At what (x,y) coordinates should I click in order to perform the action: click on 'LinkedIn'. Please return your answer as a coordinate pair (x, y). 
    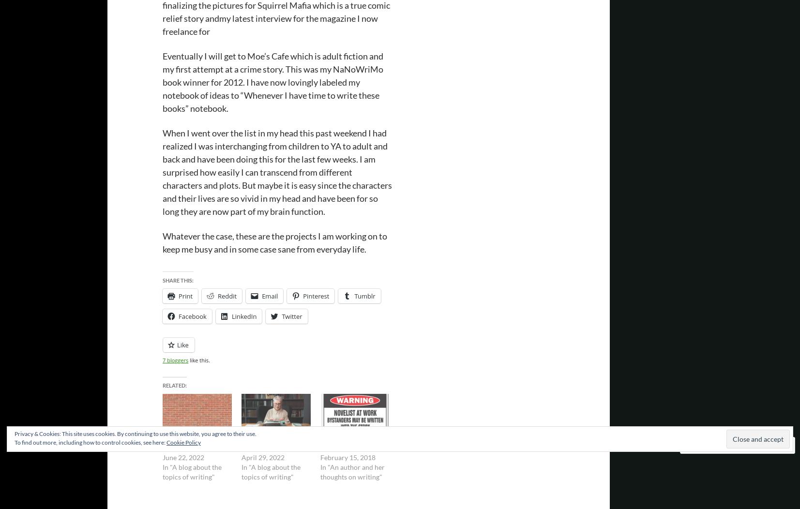
    Looking at the image, I should click on (243, 316).